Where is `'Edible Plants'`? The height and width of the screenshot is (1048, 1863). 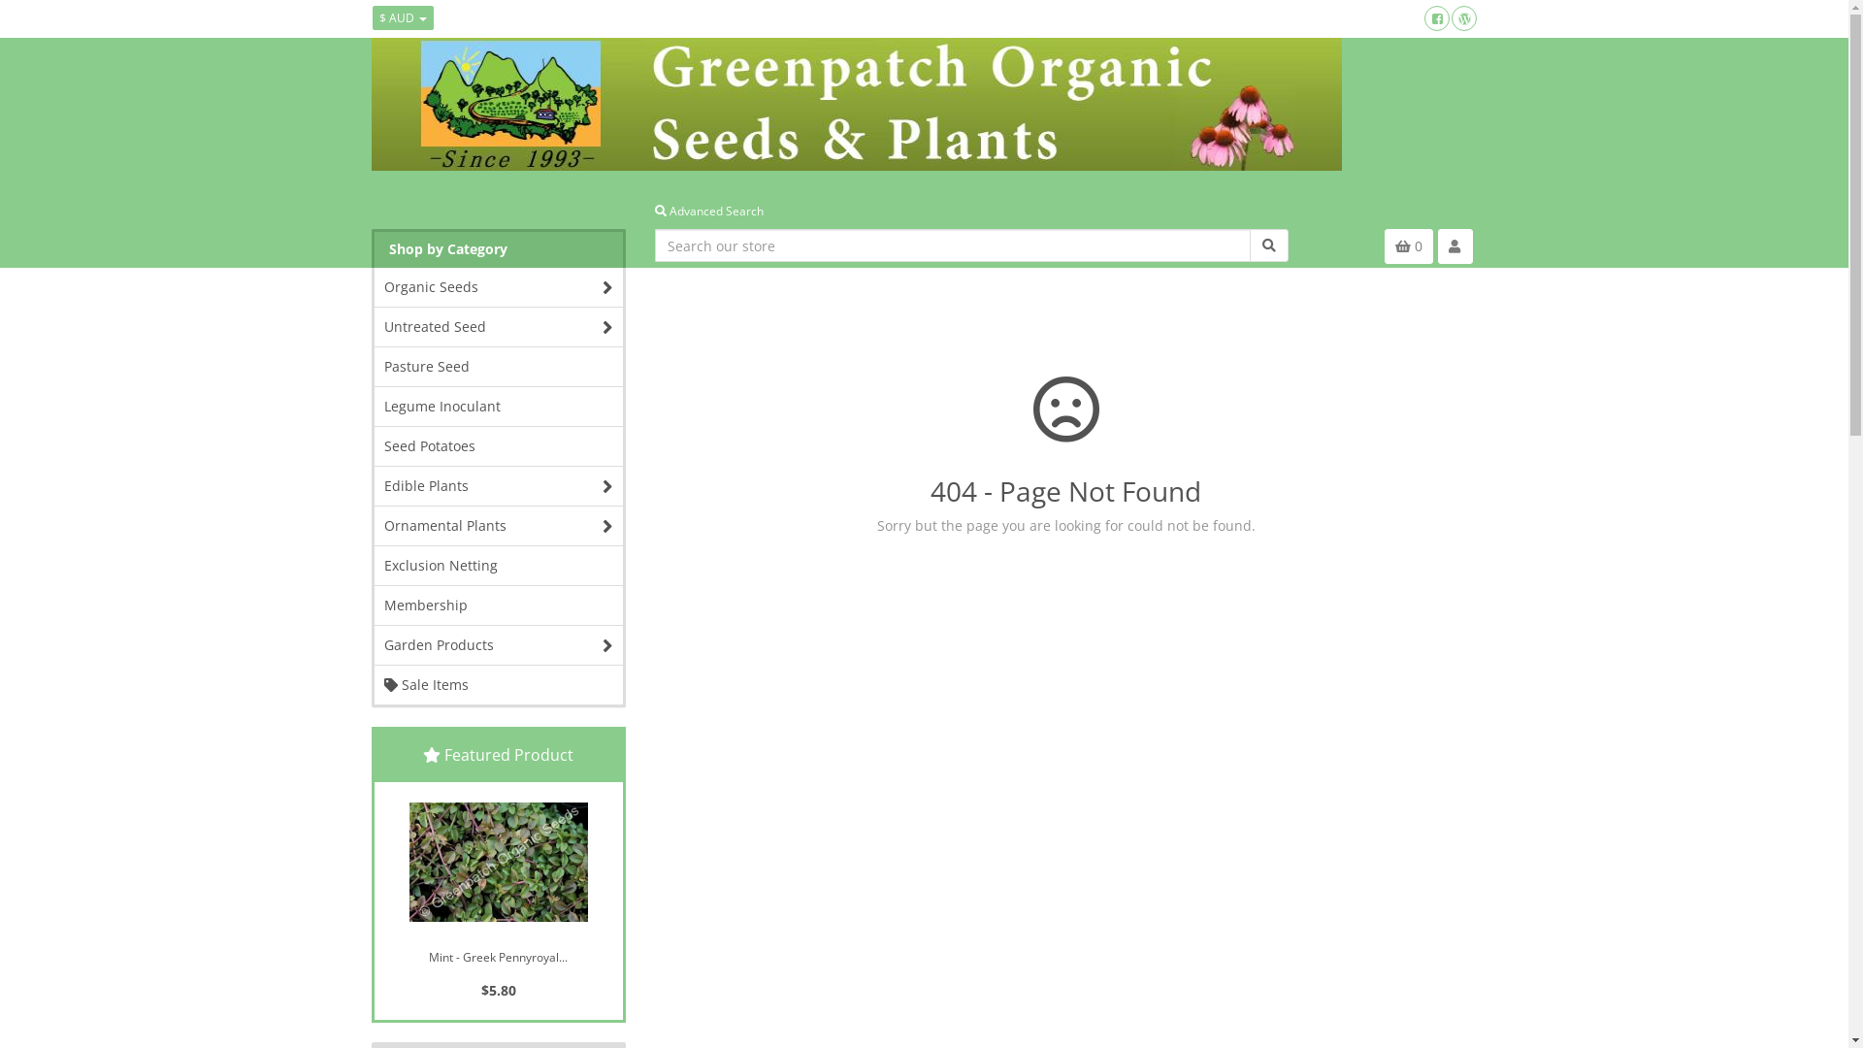 'Edible Plants' is located at coordinates (499, 485).